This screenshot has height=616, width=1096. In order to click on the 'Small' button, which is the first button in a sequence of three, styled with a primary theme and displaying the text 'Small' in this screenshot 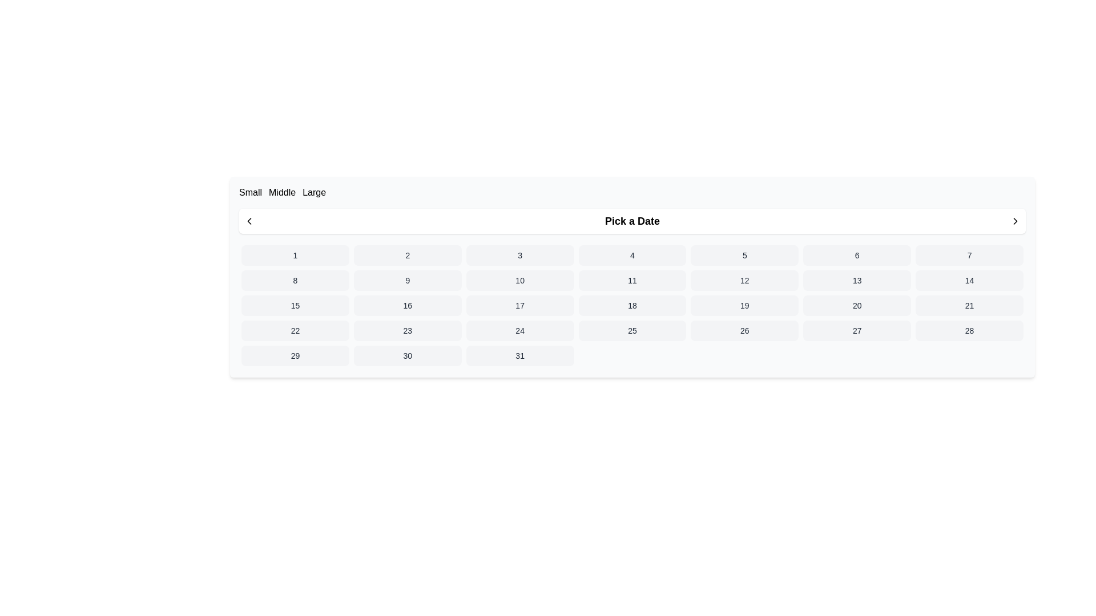, I will do `click(250, 192)`.